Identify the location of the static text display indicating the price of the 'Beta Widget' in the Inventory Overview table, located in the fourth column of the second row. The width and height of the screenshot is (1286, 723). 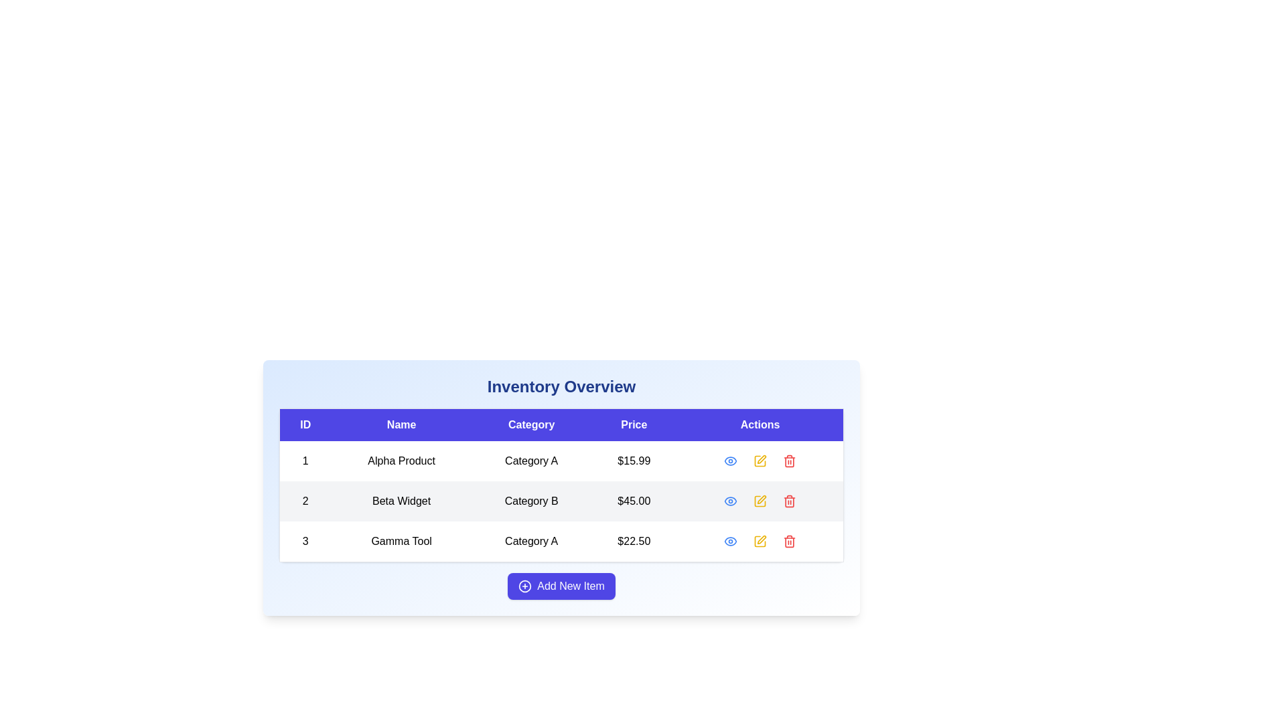
(633, 501).